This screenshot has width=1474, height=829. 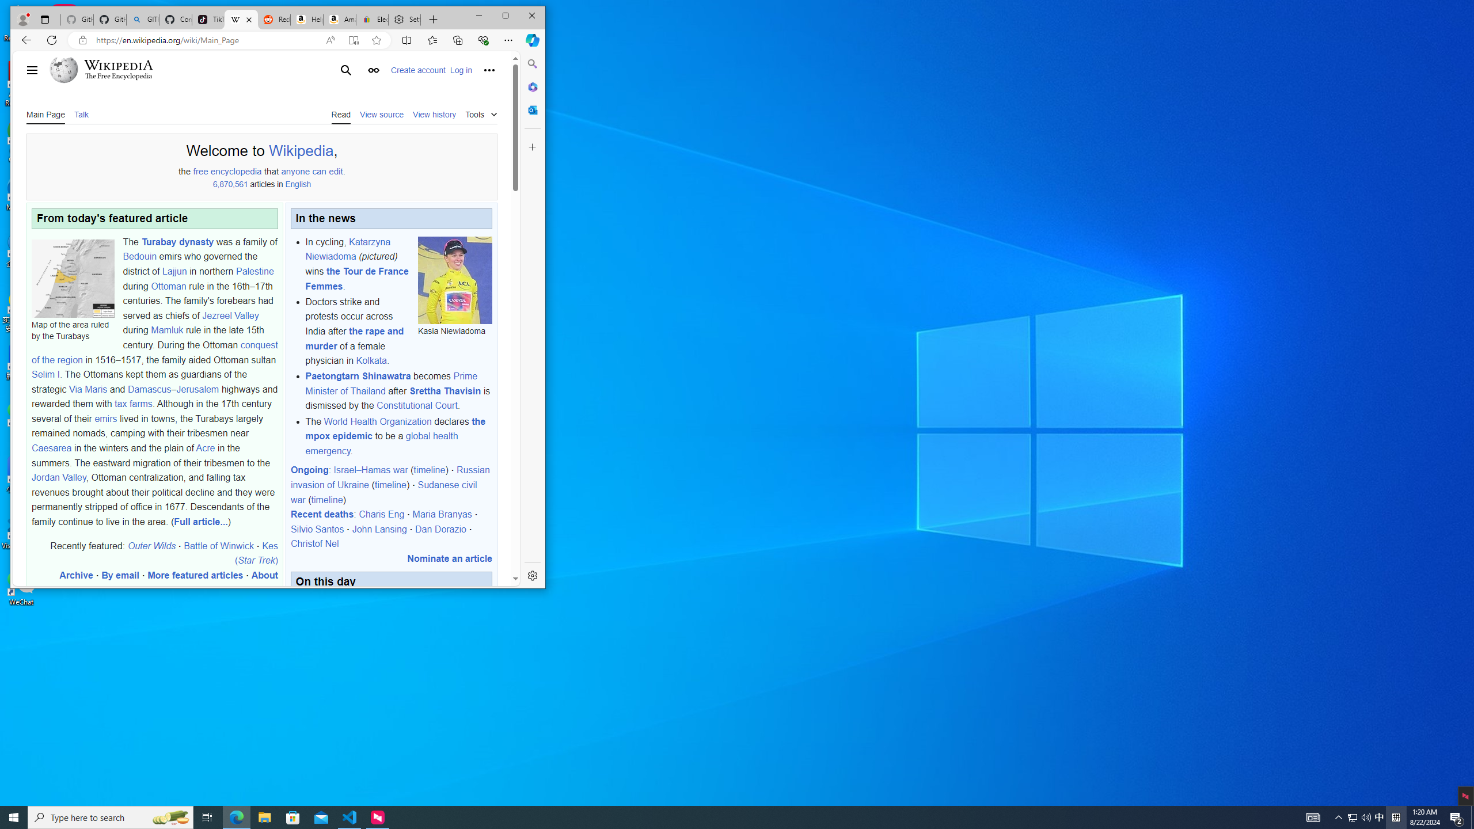 What do you see at coordinates (358, 375) in the screenshot?
I see `'Paetongtarn Shinawatra'` at bounding box center [358, 375].